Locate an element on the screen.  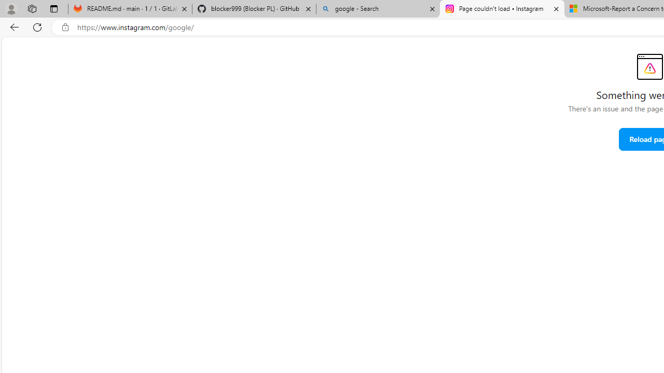
'Workspaces' is located at coordinates (32, 8).